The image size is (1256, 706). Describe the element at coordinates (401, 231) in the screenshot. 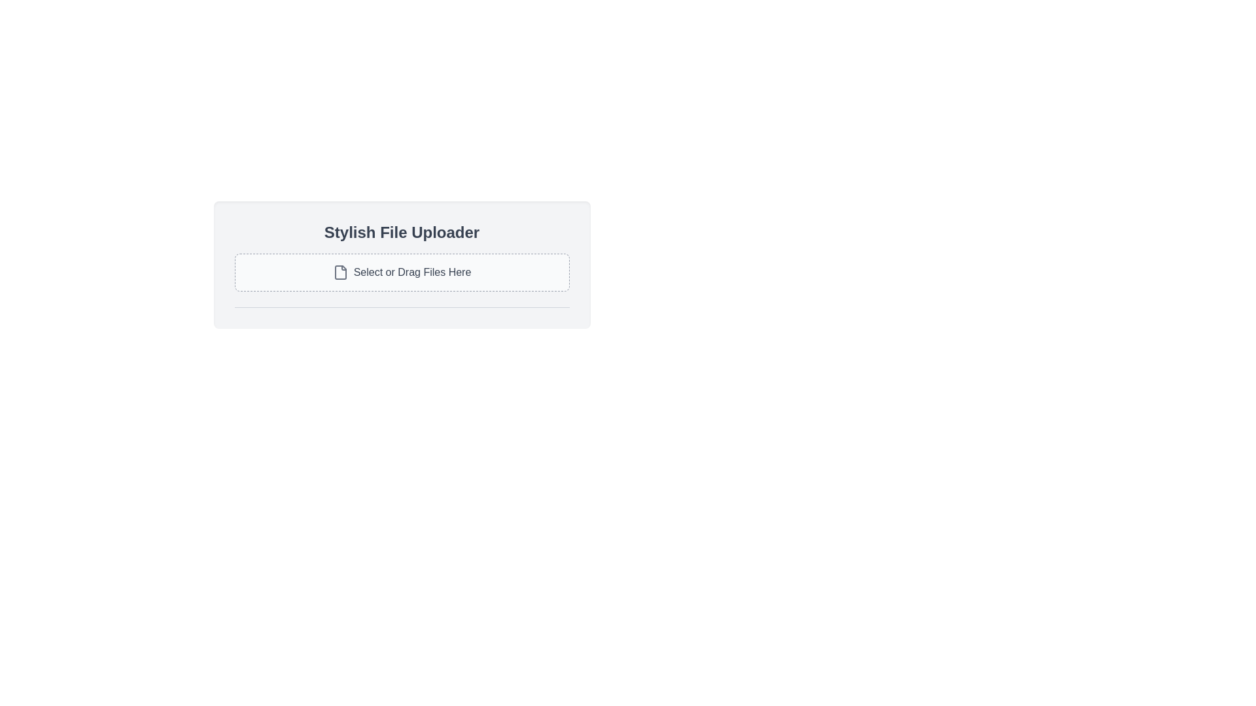

I see `the static text header that identifies the purpose of the section related to file uploading` at that location.